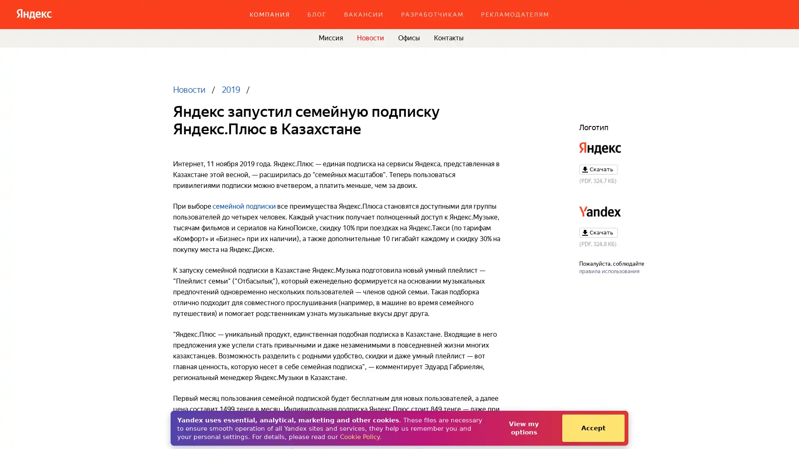 The height and width of the screenshot is (449, 799). I want to click on Accept, so click(593, 428).